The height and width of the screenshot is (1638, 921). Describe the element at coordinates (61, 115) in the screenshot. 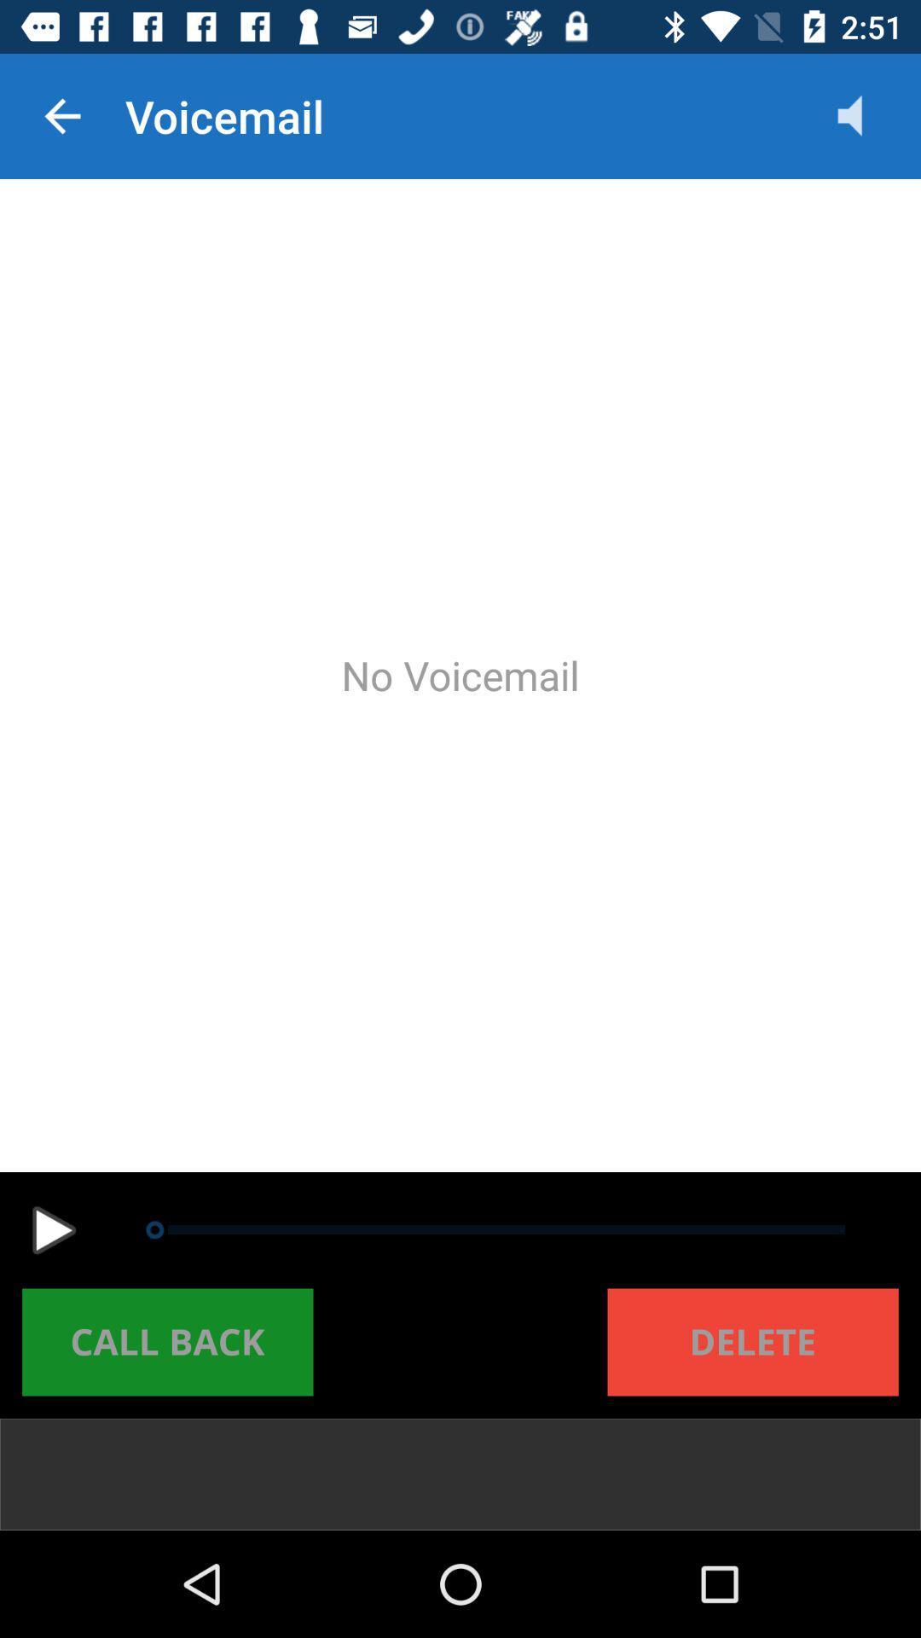

I see `icon to the left of the voicemail icon` at that location.